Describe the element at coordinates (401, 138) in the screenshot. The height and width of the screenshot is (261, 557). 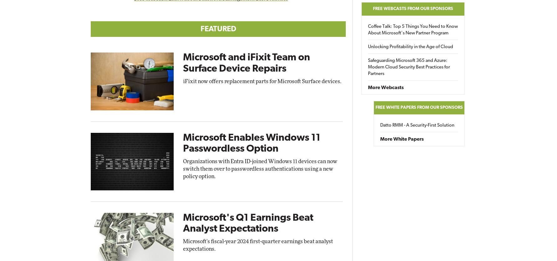
I see `'More White Papers'` at that location.